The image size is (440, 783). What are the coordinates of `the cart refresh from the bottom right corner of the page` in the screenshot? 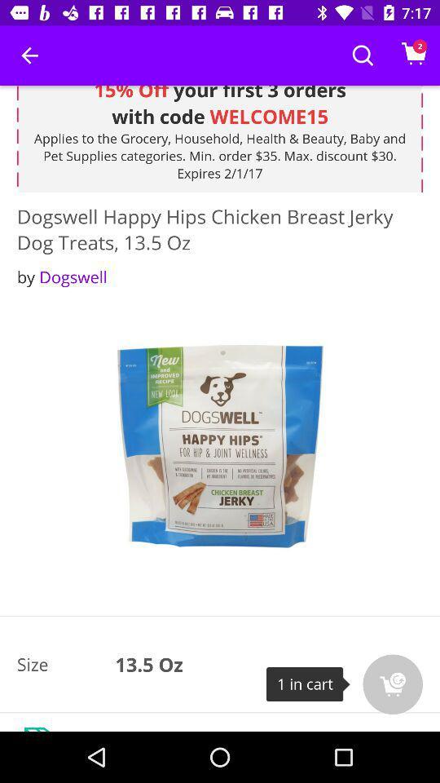 It's located at (392, 684).